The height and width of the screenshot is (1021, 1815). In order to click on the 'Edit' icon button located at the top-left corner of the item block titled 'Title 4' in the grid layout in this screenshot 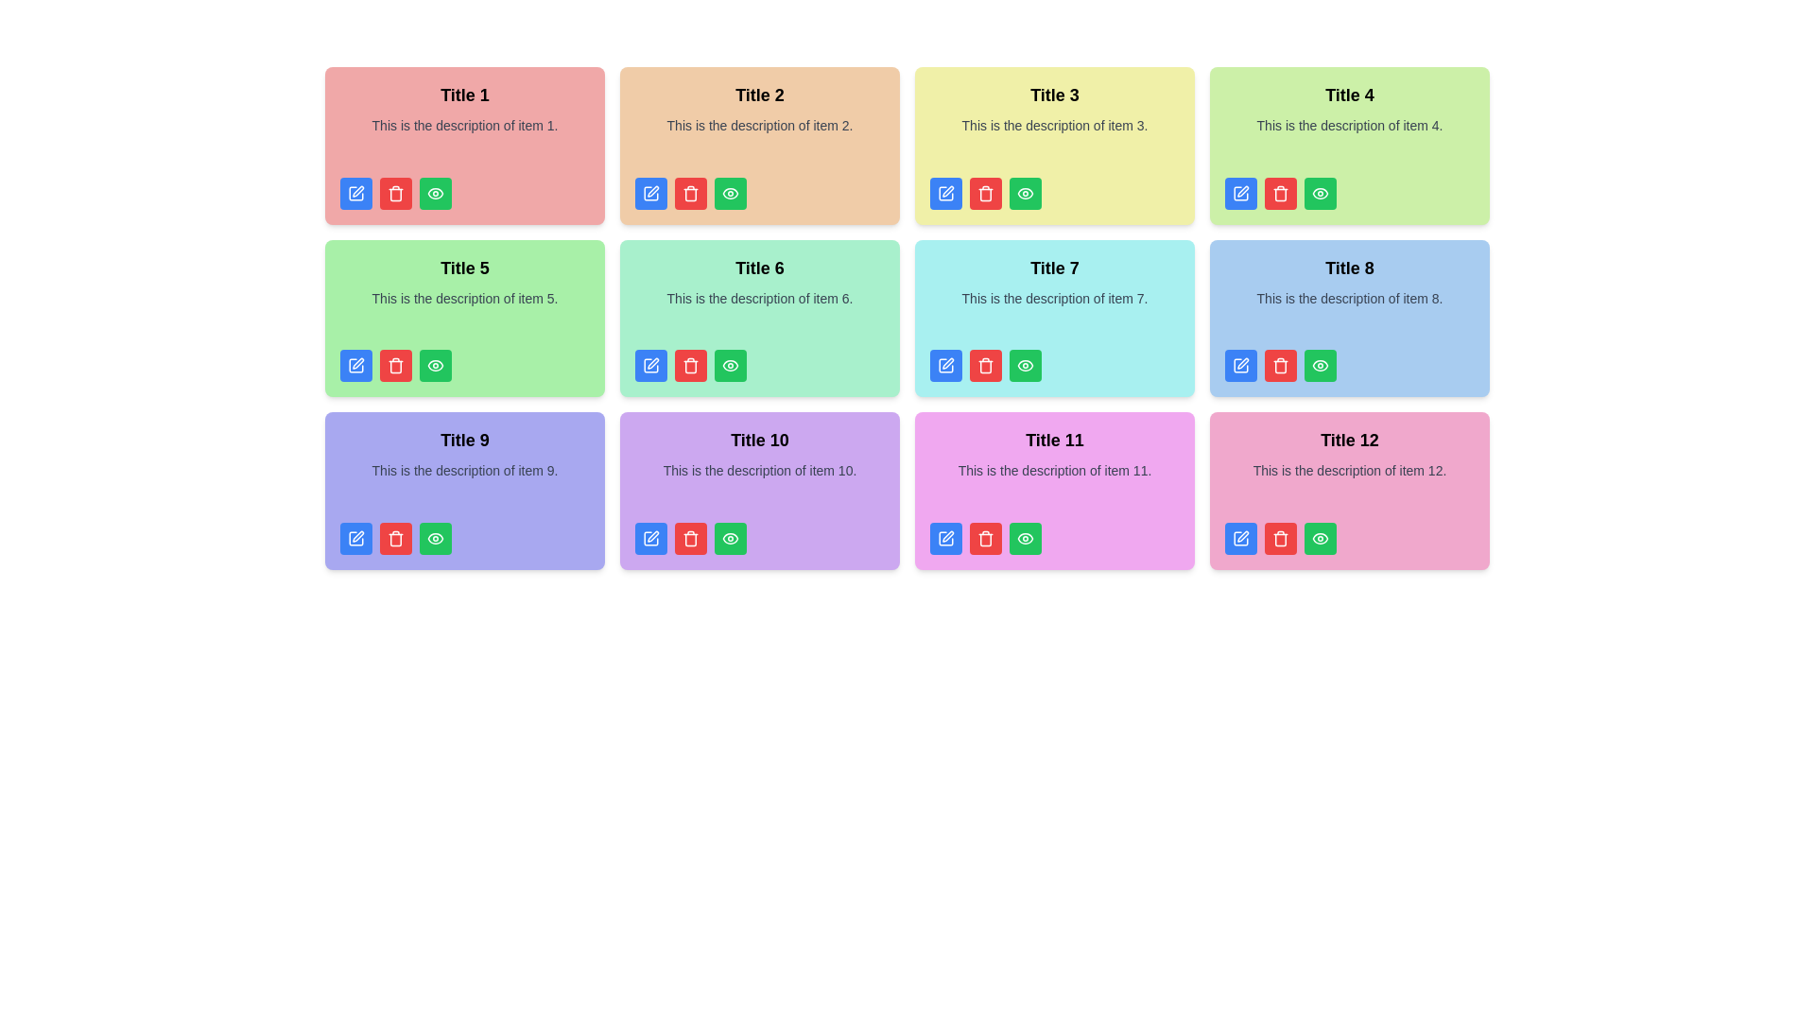, I will do `click(1243, 191)`.